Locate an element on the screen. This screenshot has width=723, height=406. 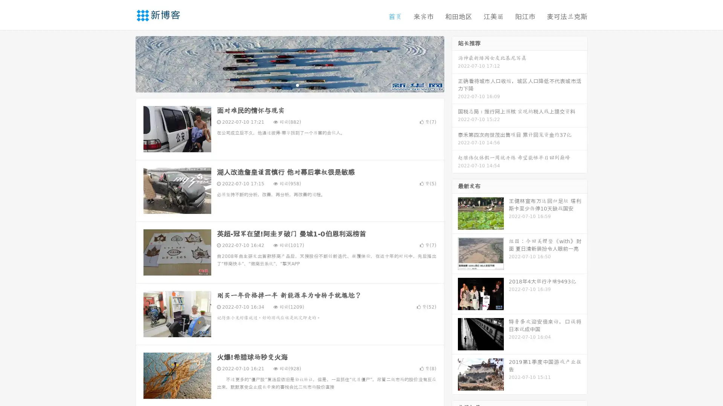
Go to slide 2 is located at coordinates (289, 85).